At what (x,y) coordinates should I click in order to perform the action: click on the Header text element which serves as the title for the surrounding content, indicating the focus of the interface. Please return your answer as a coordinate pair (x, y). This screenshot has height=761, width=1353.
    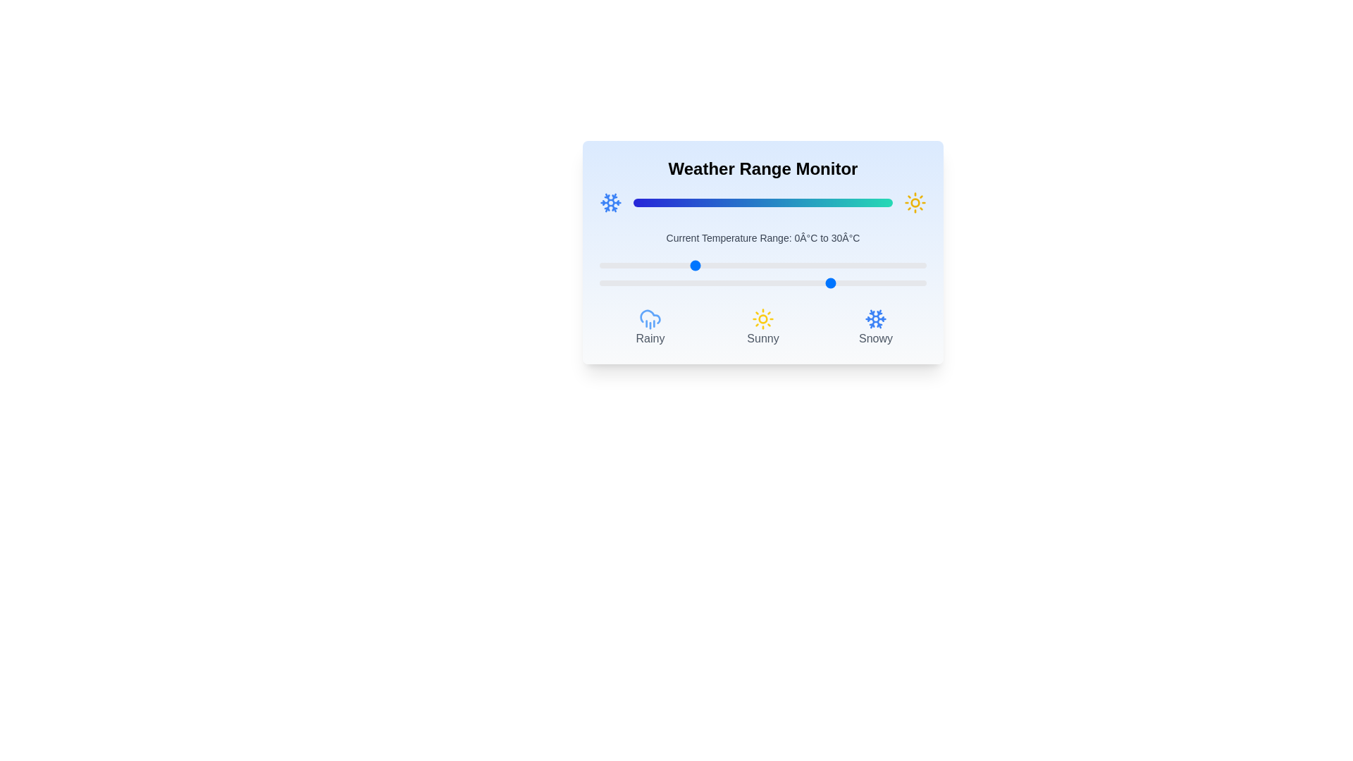
    Looking at the image, I should click on (762, 168).